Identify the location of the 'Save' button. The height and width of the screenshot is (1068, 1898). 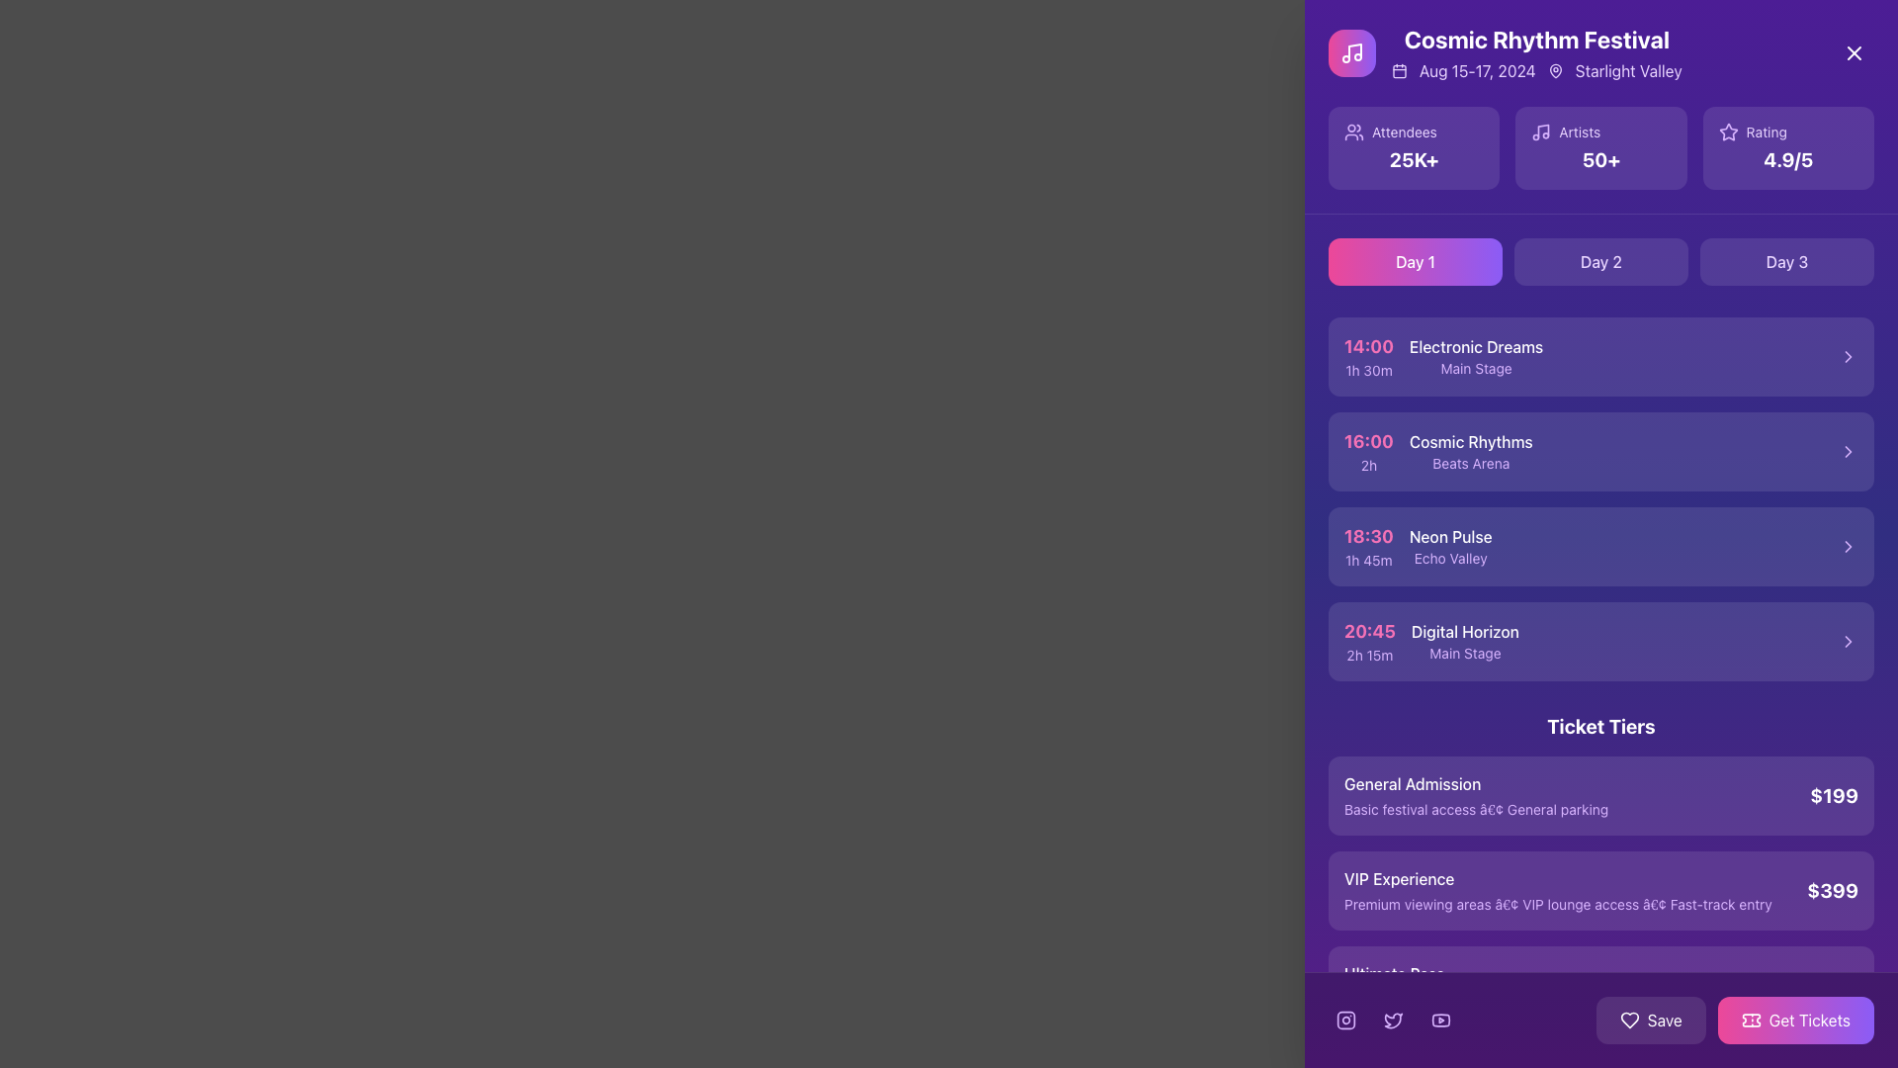
(1651, 1021).